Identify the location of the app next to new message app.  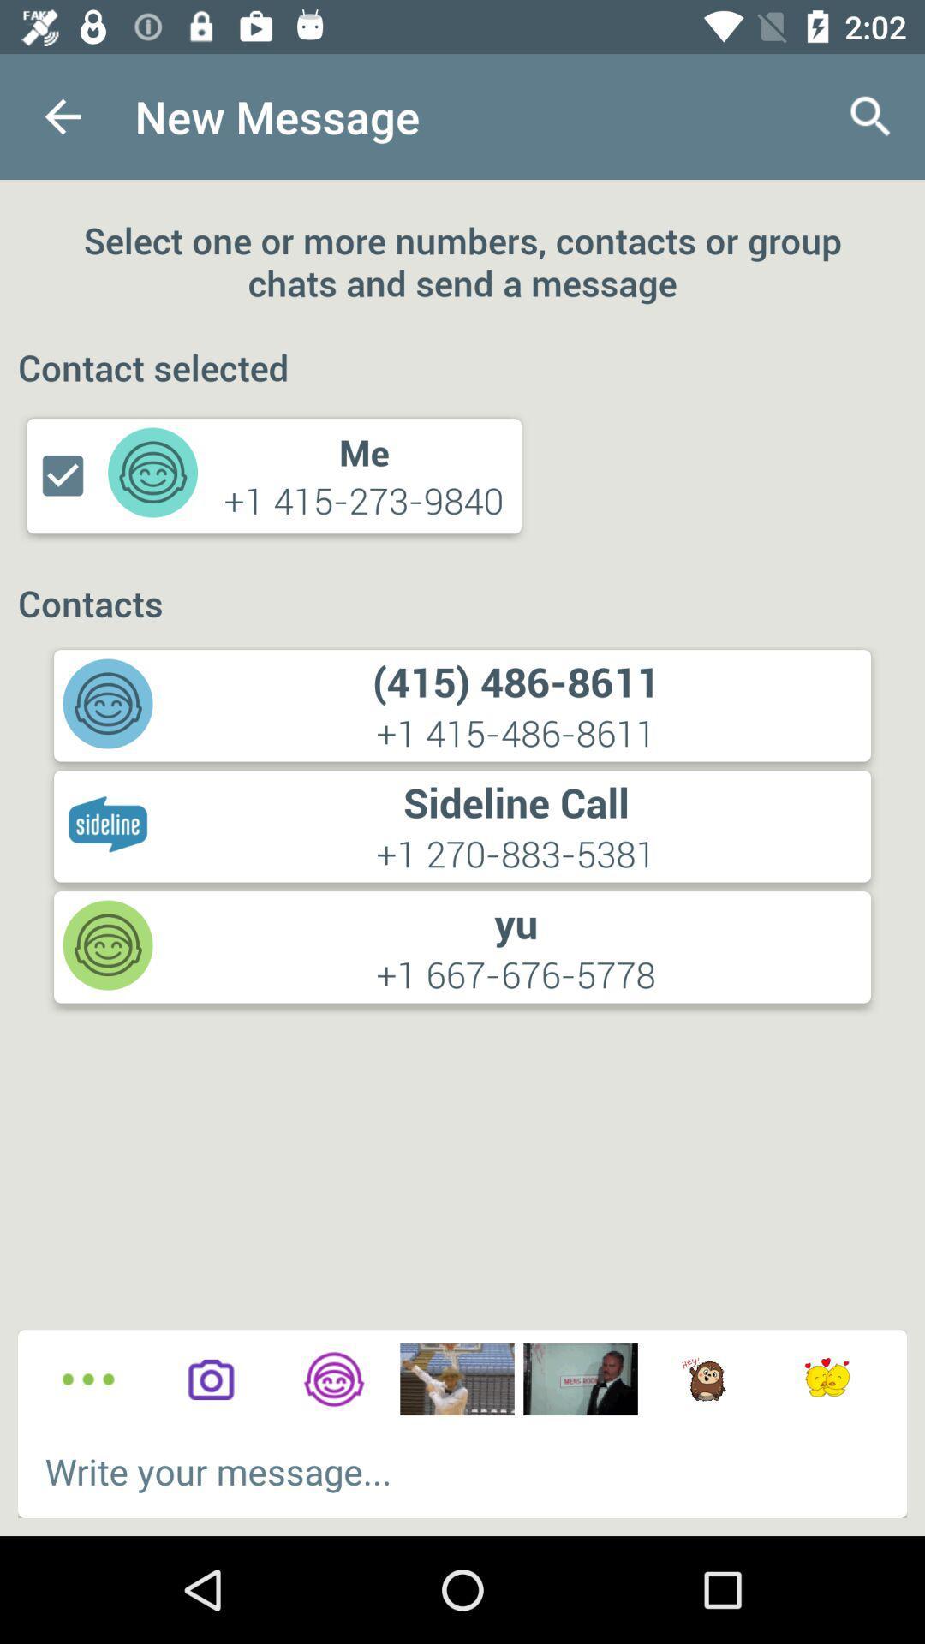
(871, 116).